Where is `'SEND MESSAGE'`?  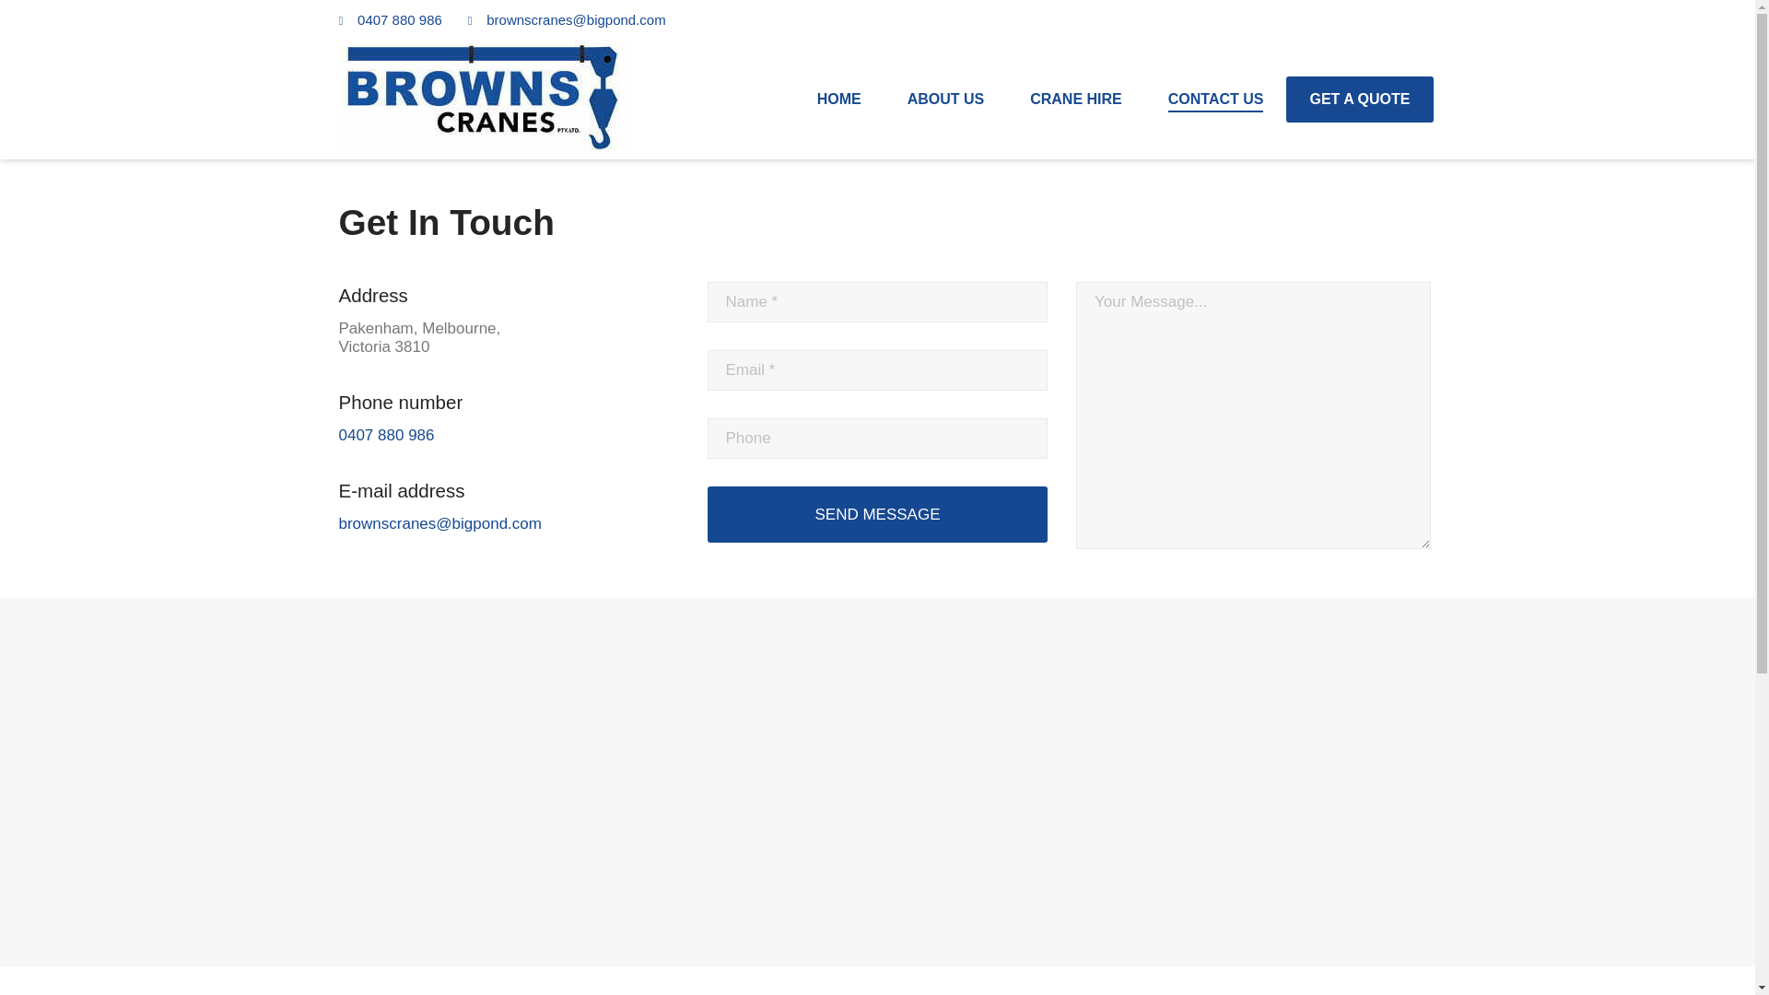 'SEND MESSAGE' is located at coordinates (877, 514).